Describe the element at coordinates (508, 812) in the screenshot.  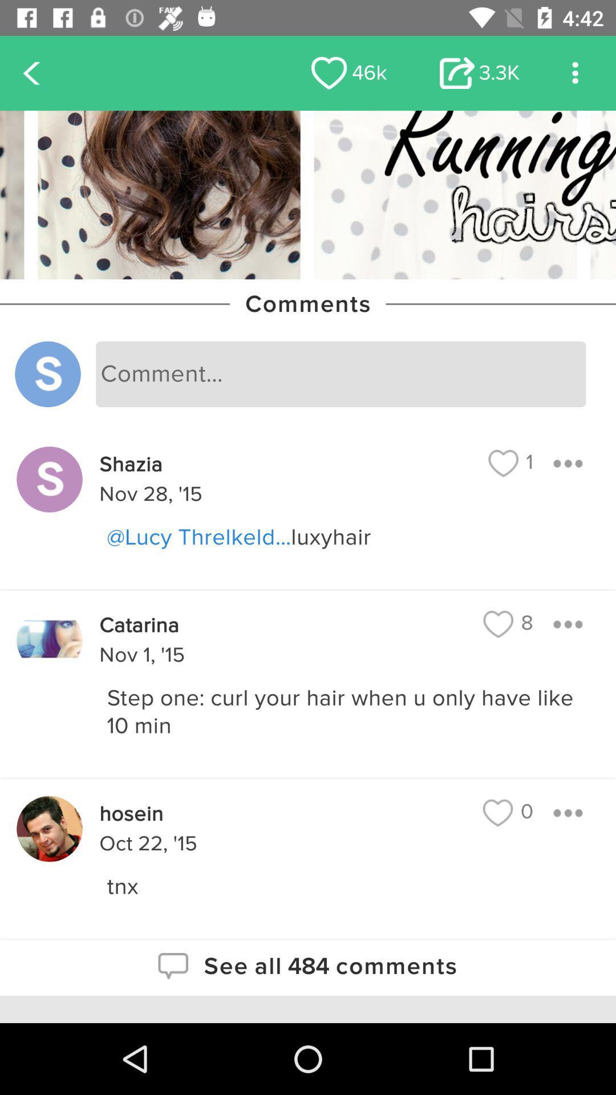
I see `icon above the tnx` at that location.